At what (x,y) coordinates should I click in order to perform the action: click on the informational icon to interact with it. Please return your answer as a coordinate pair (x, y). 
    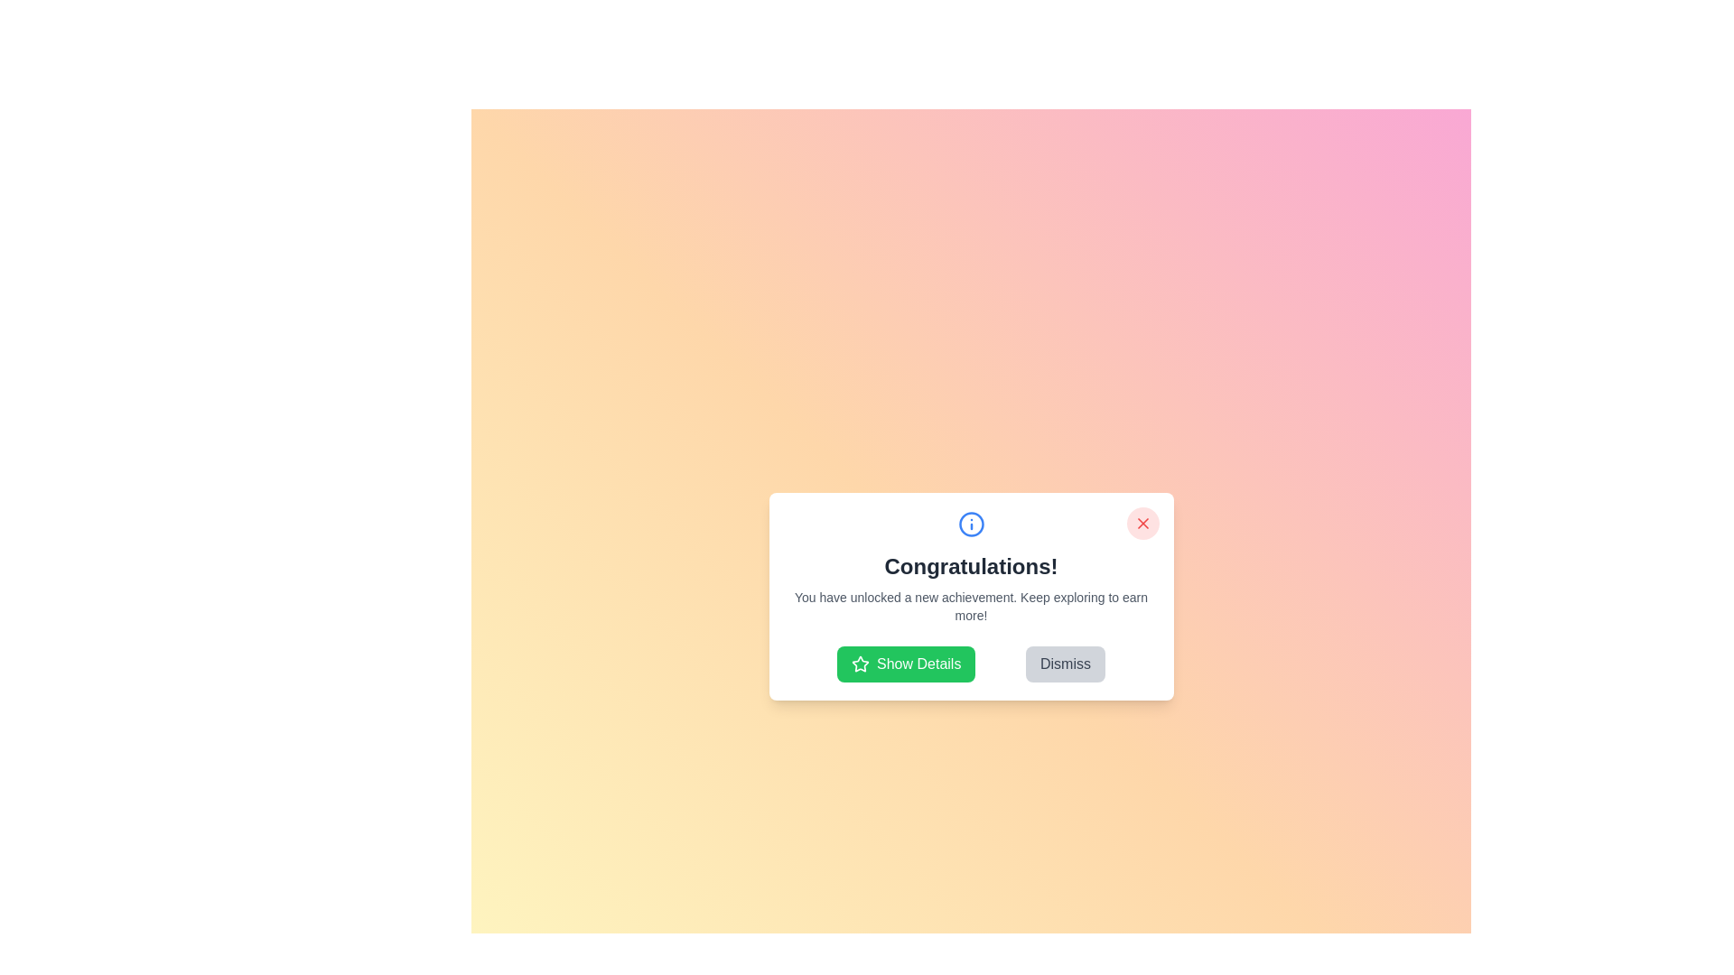
    Looking at the image, I should click on (970, 525).